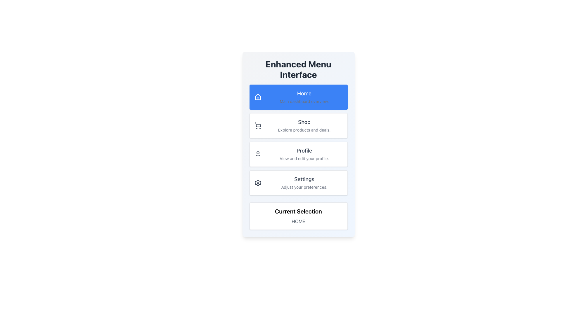  What do you see at coordinates (304, 158) in the screenshot?
I see `the descriptive subtitle for the 'Profile' menu option, which provides context about viewing and editing the user's profile` at bounding box center [304, 158].